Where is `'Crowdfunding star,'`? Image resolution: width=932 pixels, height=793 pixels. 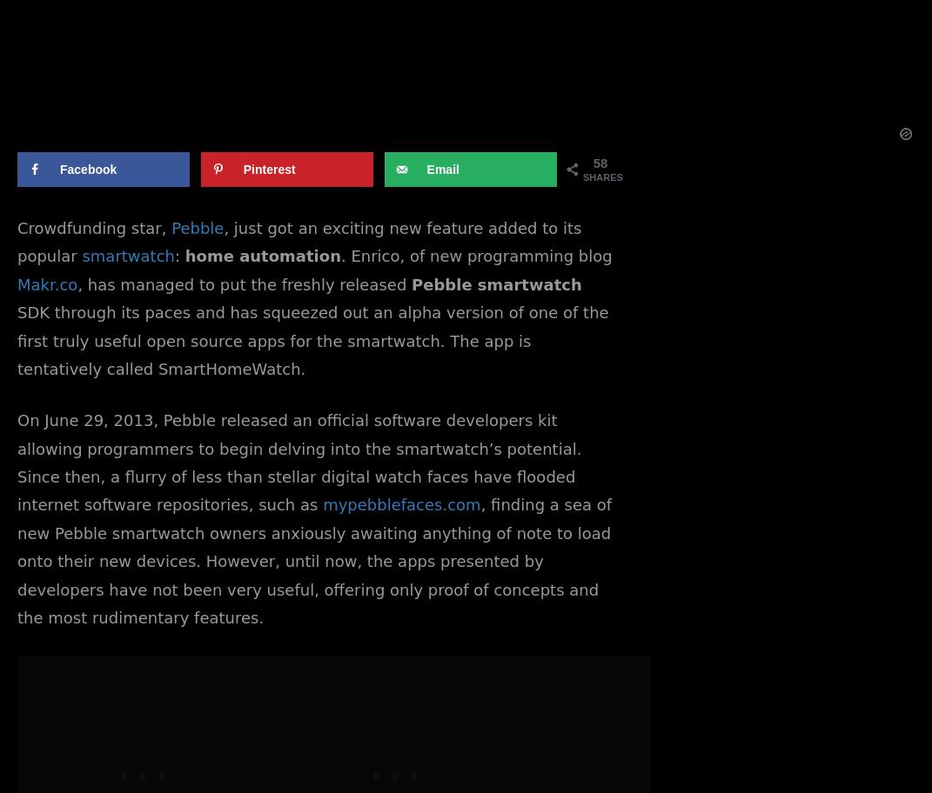
'Crowdfunding star,' is located at coordinates (94, 227).